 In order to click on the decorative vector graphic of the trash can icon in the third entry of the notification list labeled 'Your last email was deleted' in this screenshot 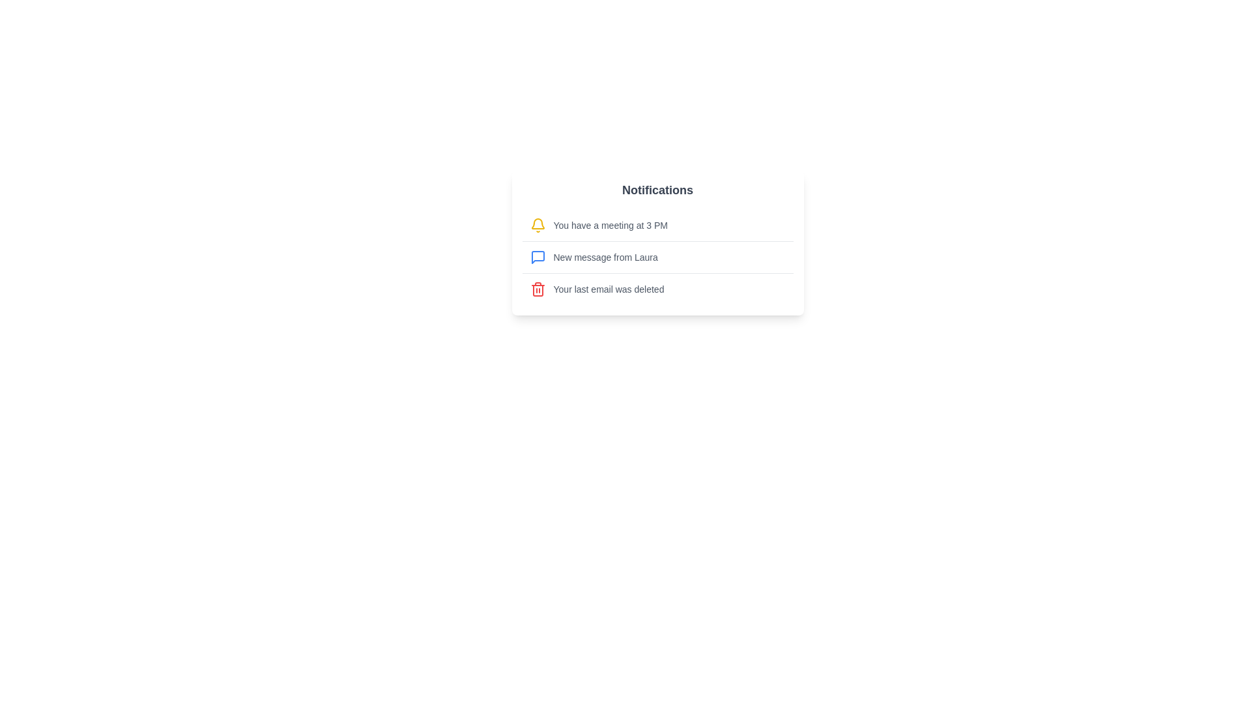, I will do `click(538, 290)`.